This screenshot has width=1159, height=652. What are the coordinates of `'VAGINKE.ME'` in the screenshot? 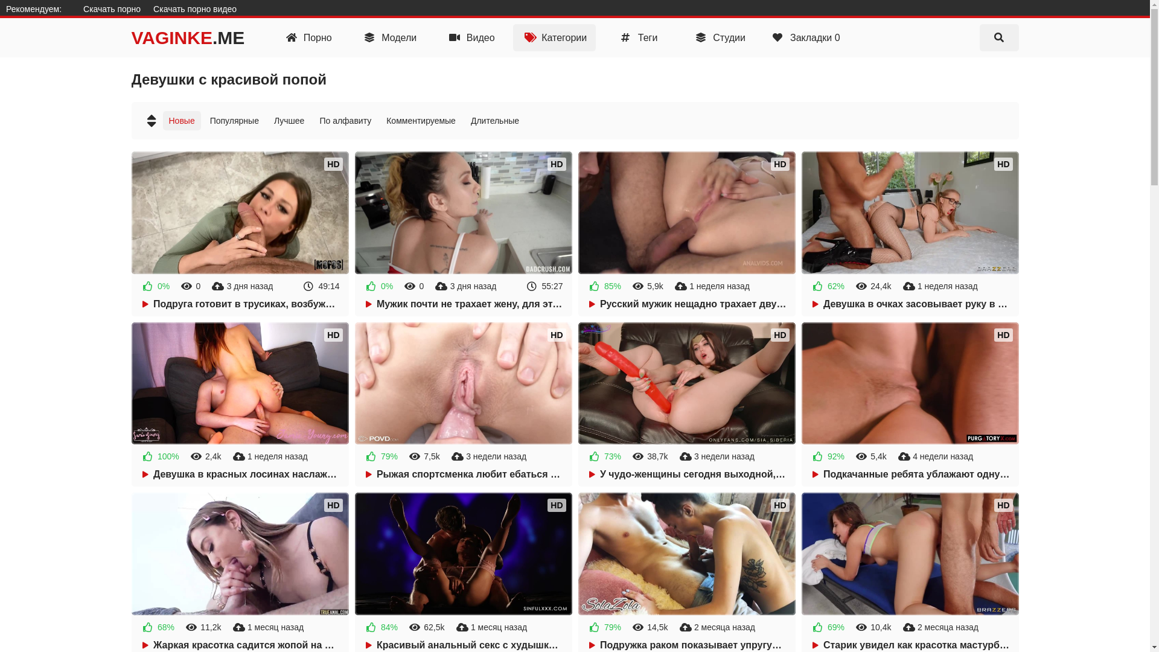 It's located at (188, 37).